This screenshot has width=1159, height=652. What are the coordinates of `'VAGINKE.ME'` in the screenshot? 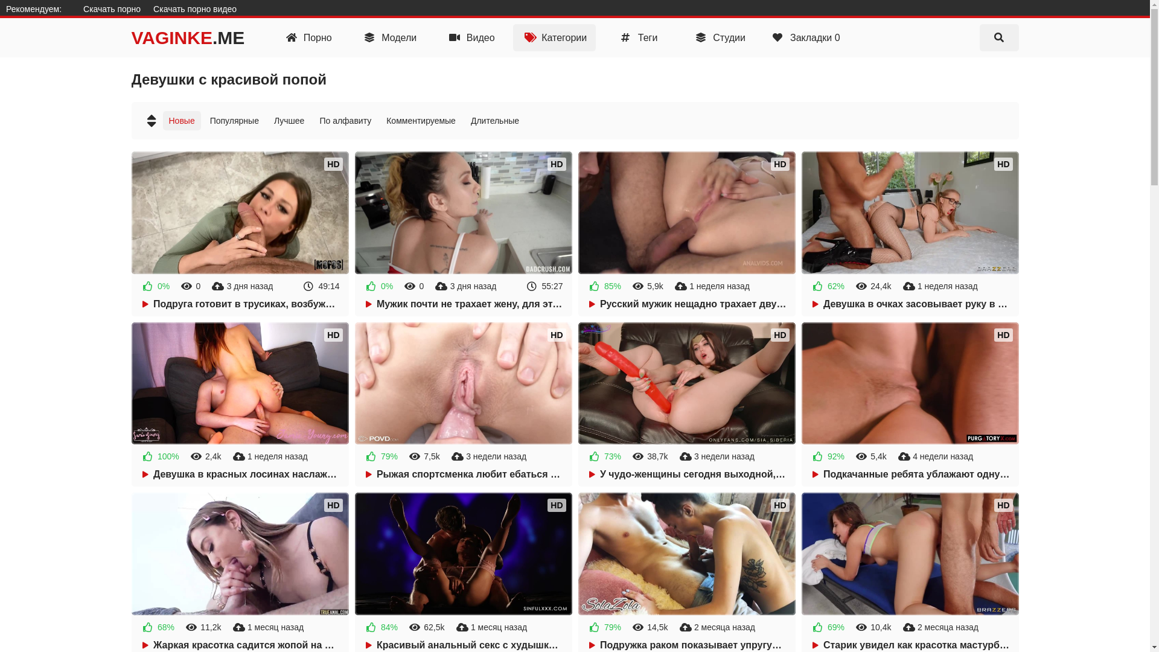 It's located at (188, 37).